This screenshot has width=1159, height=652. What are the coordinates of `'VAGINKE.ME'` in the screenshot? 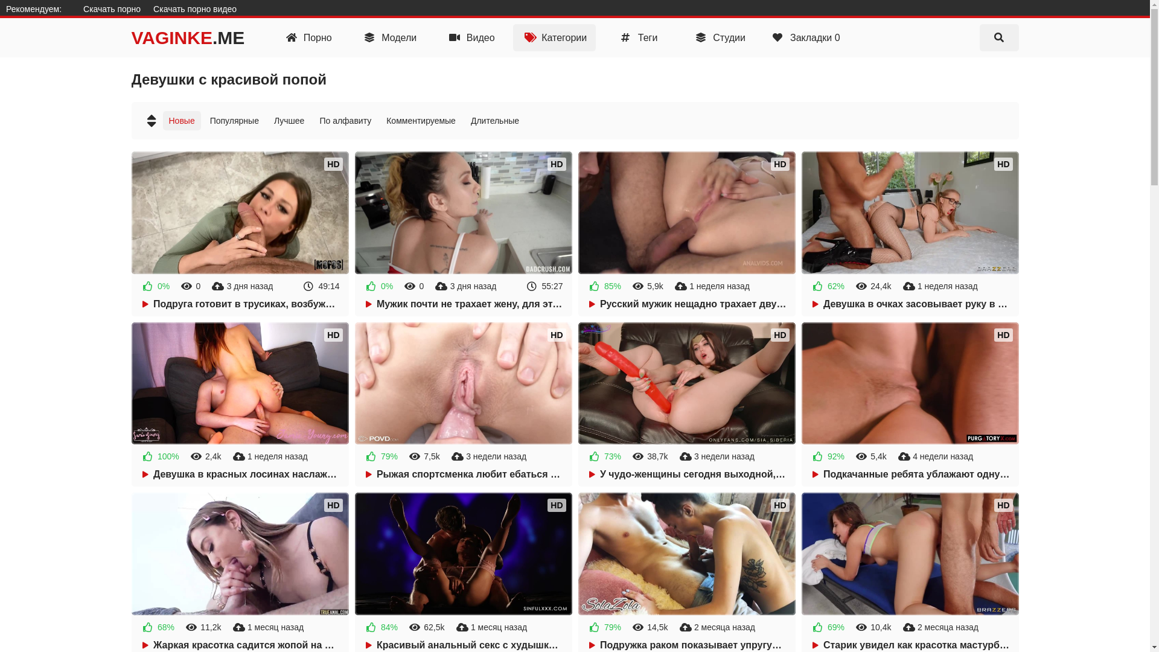 It's located at (188, 37).